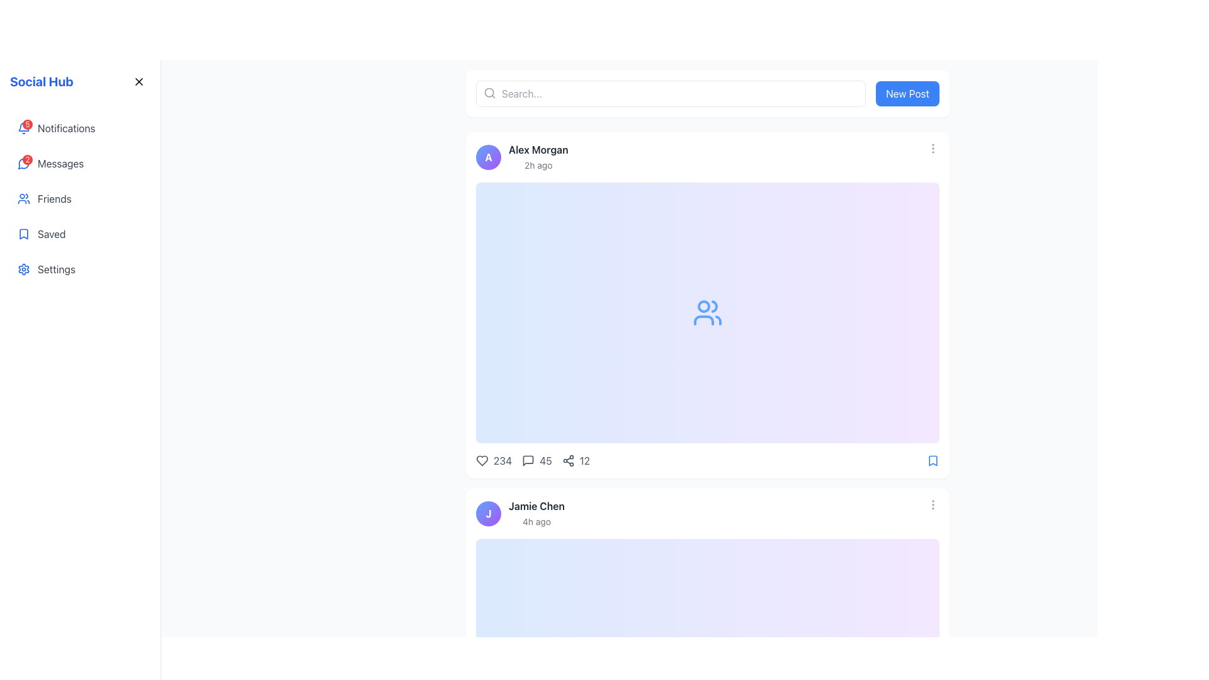 This screenshot has height=680, width=1209. I want to click on the Notification badge that displays the count of unread messages, located near the top-left of the navigation panel, adjacent to the 'Messages' option, so click(24, 162).